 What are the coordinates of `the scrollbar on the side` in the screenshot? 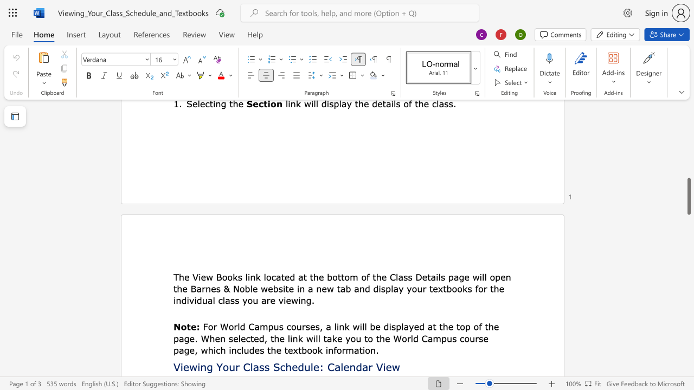 It's located at (688, 195).